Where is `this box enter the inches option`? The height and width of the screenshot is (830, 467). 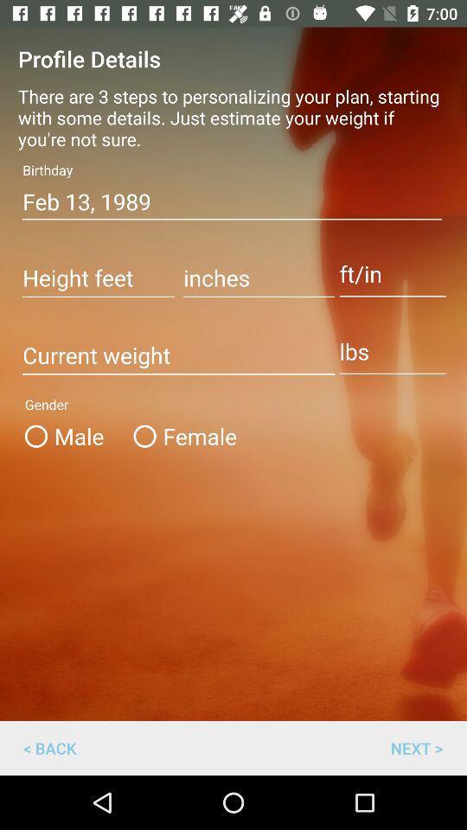
this box enter the inches option is located at coordinates (258, 279).